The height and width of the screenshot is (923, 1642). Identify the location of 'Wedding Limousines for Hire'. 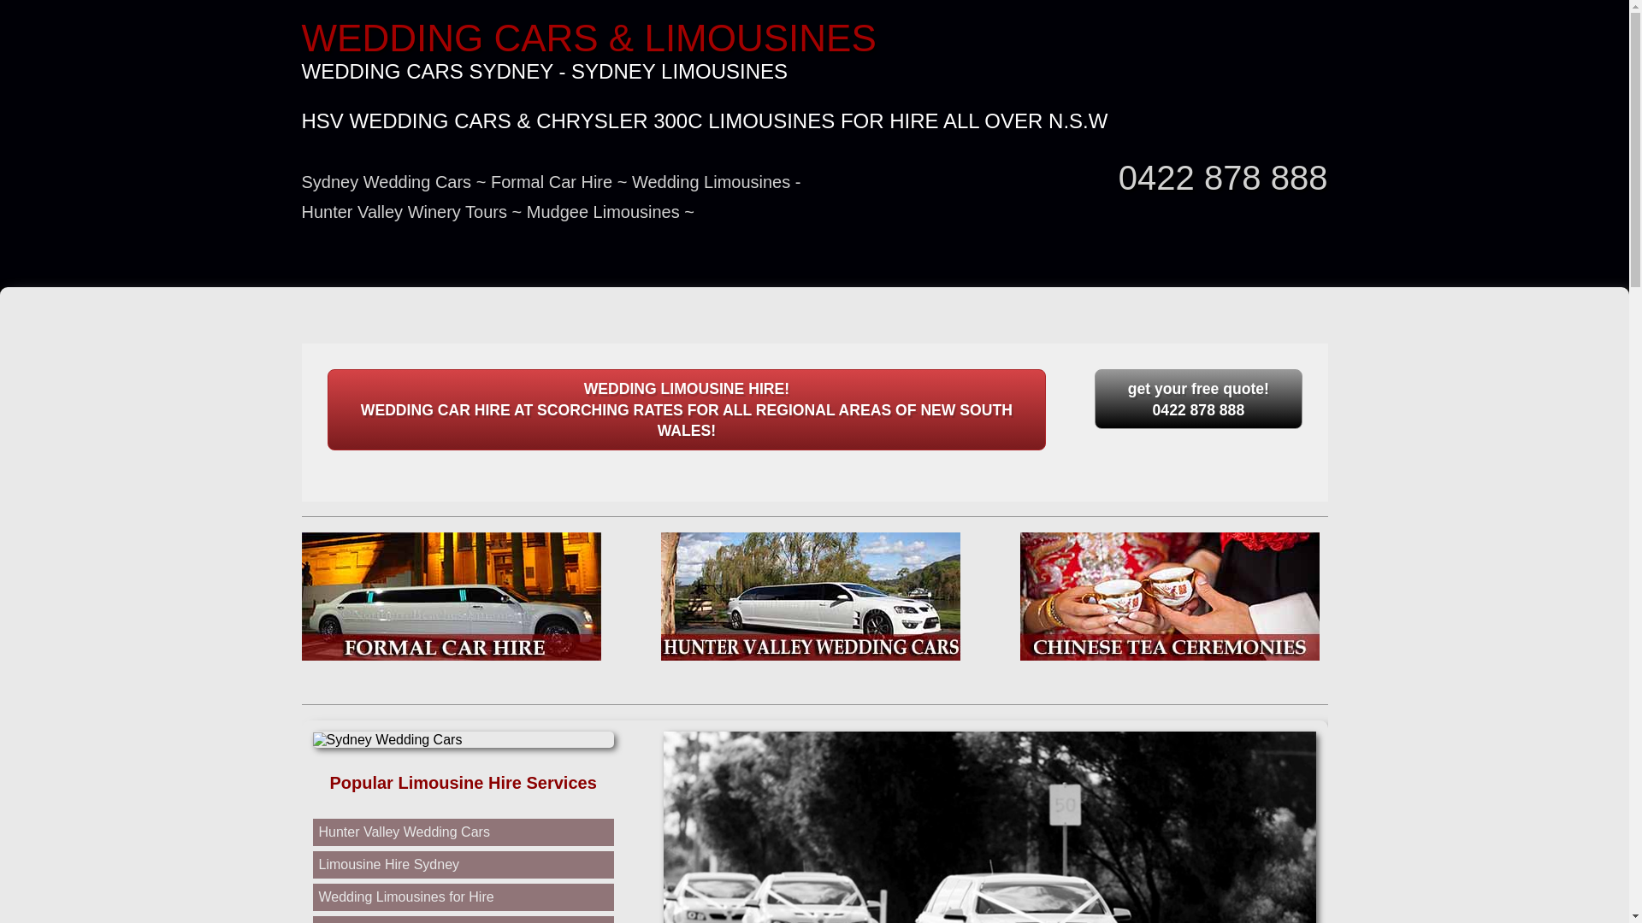
(405, 896).